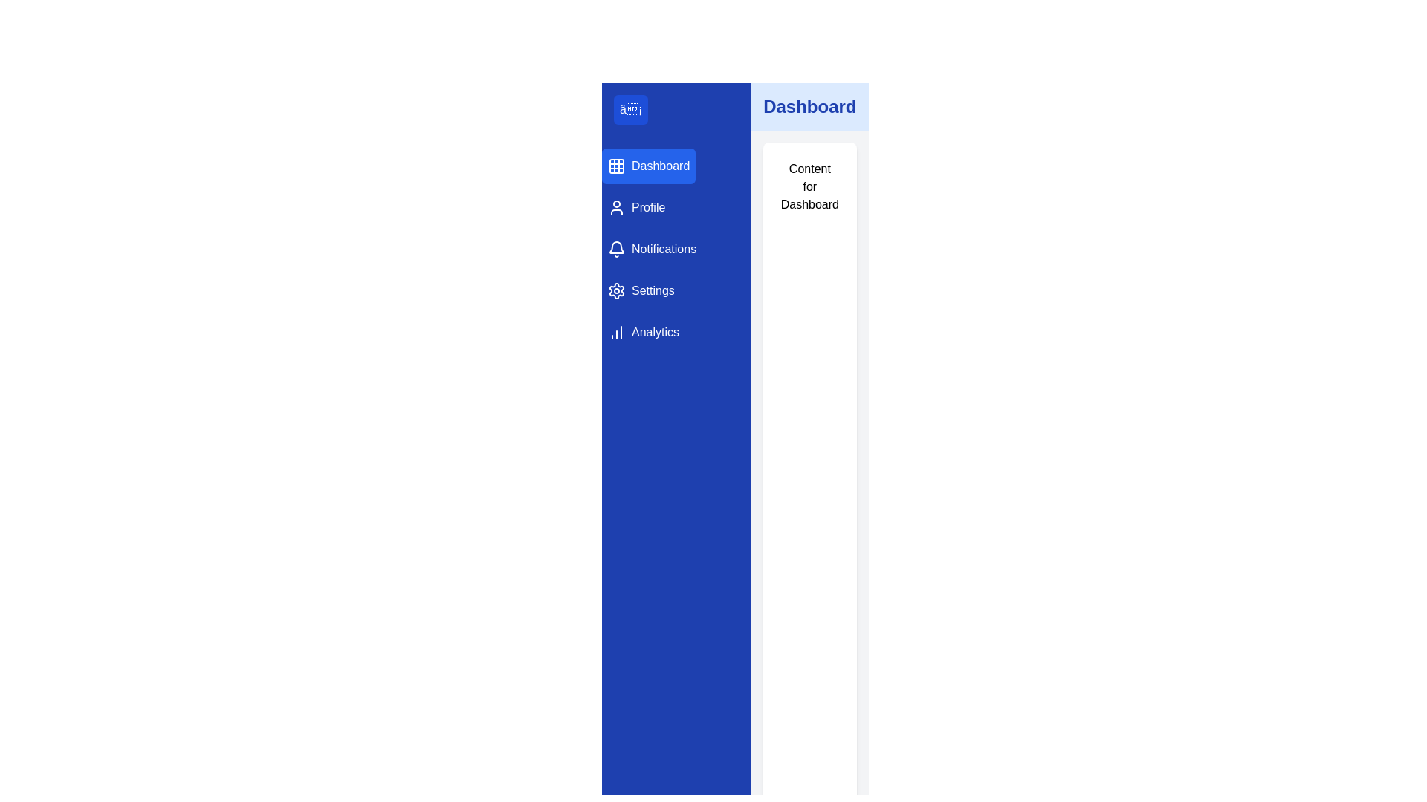 The image size is (1427, 802). What do you see at coordinates (809, 105) in the screenshot?
I see `the 'Dashboard' heading located at the top right section of the interface, which indicates the current section the user is viewing` at bounding box center [809, 105].